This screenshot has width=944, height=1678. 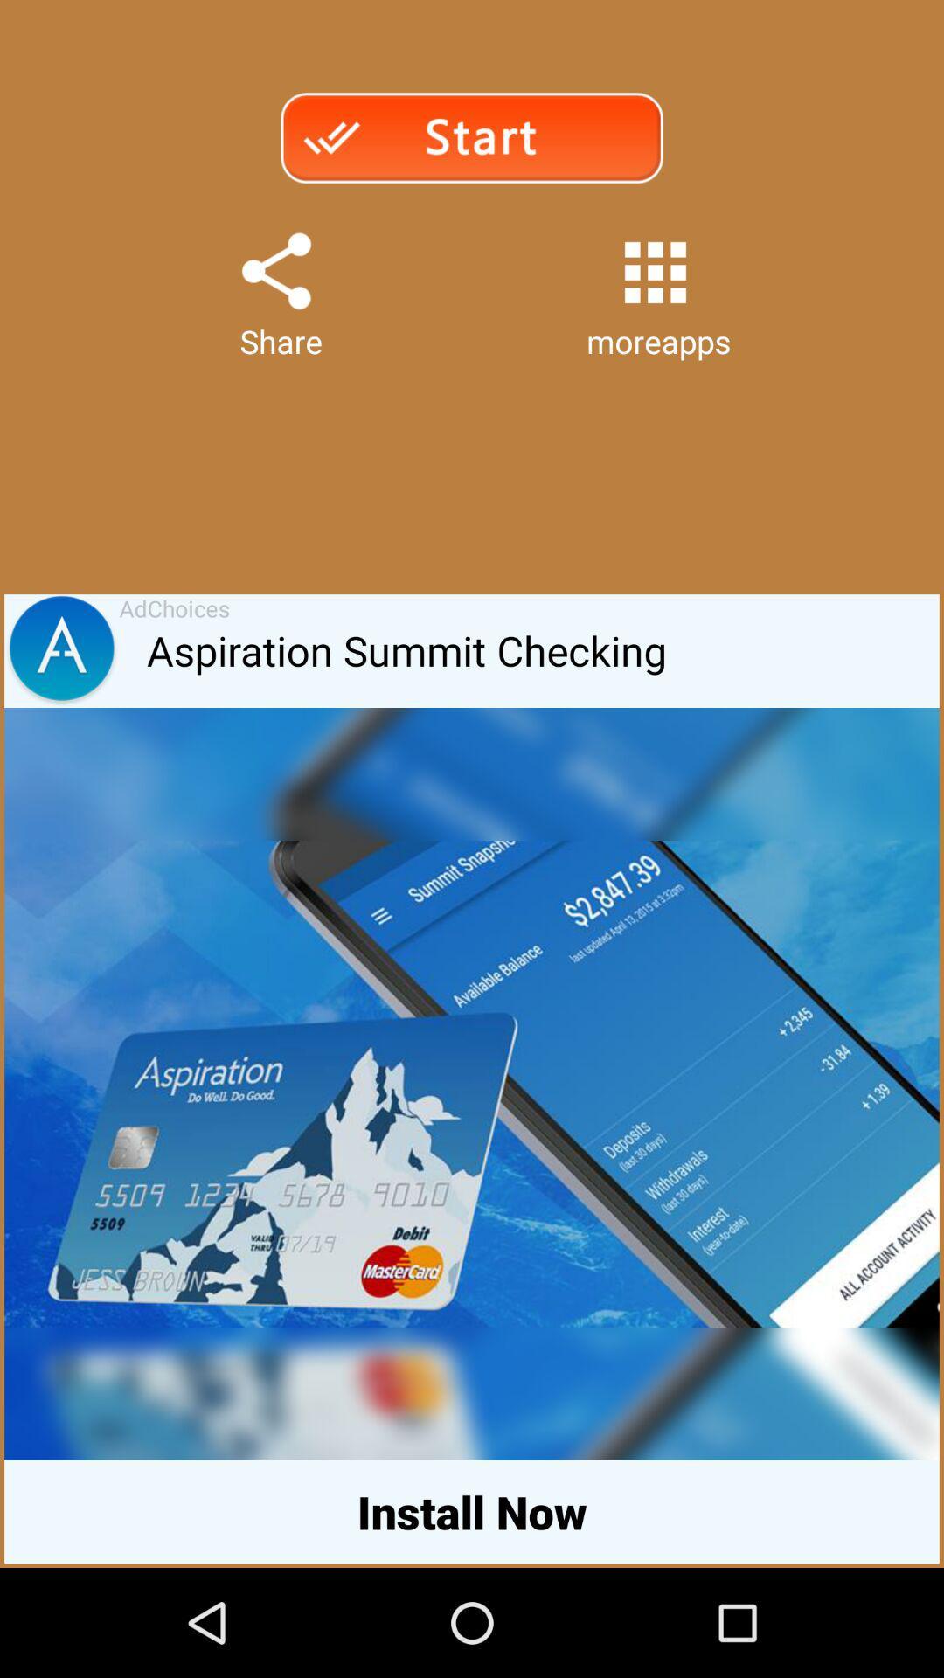 What do you see at coordinates (60, 650) in the screenshot?
I see `the item next to the adchoices item` at bounding box center [60, 650].